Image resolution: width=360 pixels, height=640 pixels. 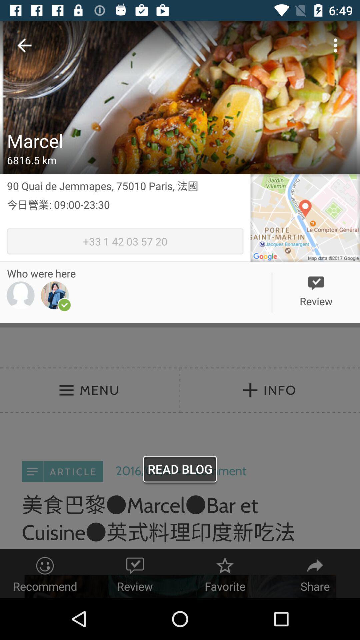 What do you see at coordinates (125, 186) in the screenshot?
I see `90 quai de item` at bounding box center [125, 186].